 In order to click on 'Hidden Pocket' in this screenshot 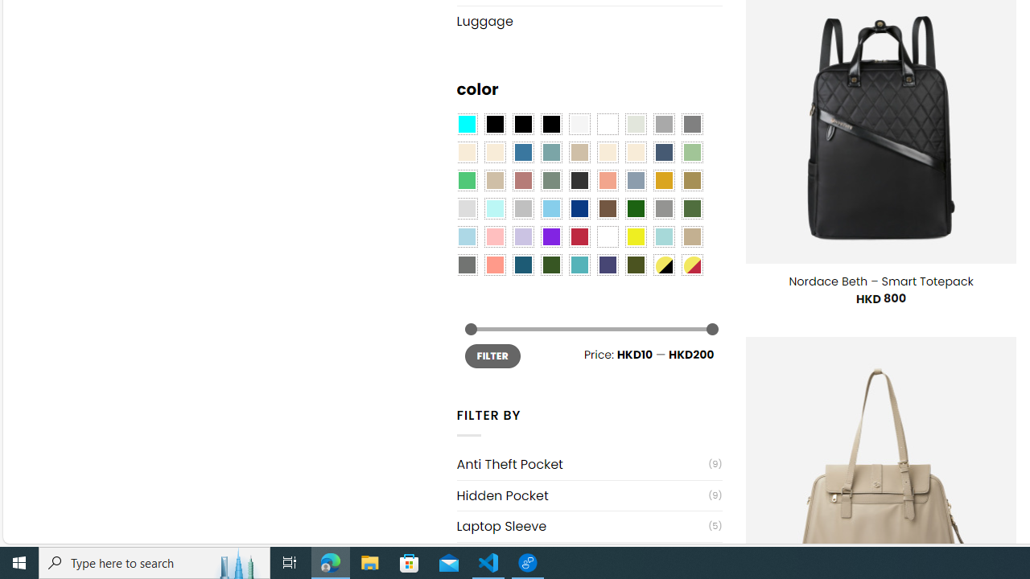, I will do `click(581, 495)`.